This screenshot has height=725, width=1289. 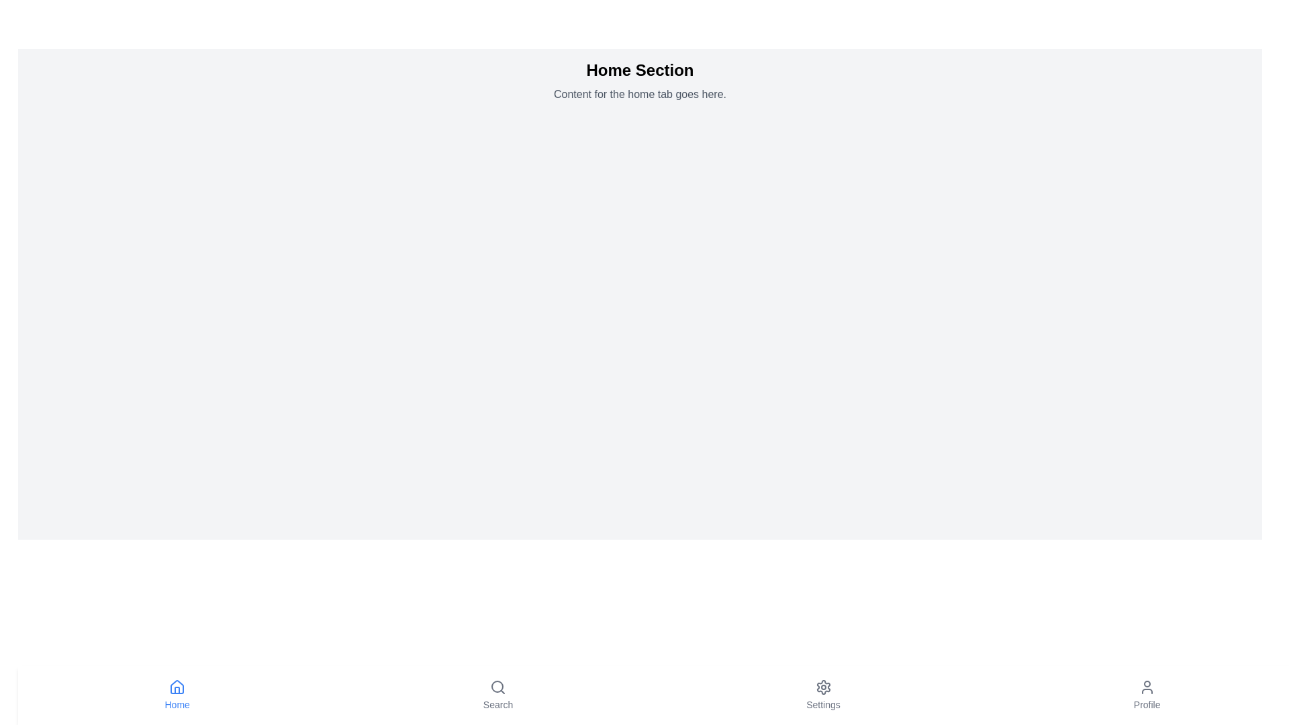 What do you see at coordinates (639, 81) in the screenshot?
I see `the text block that serves as the title and description for the 'Home' section, located near the top center of the interface` at bounding box center [639, 81].